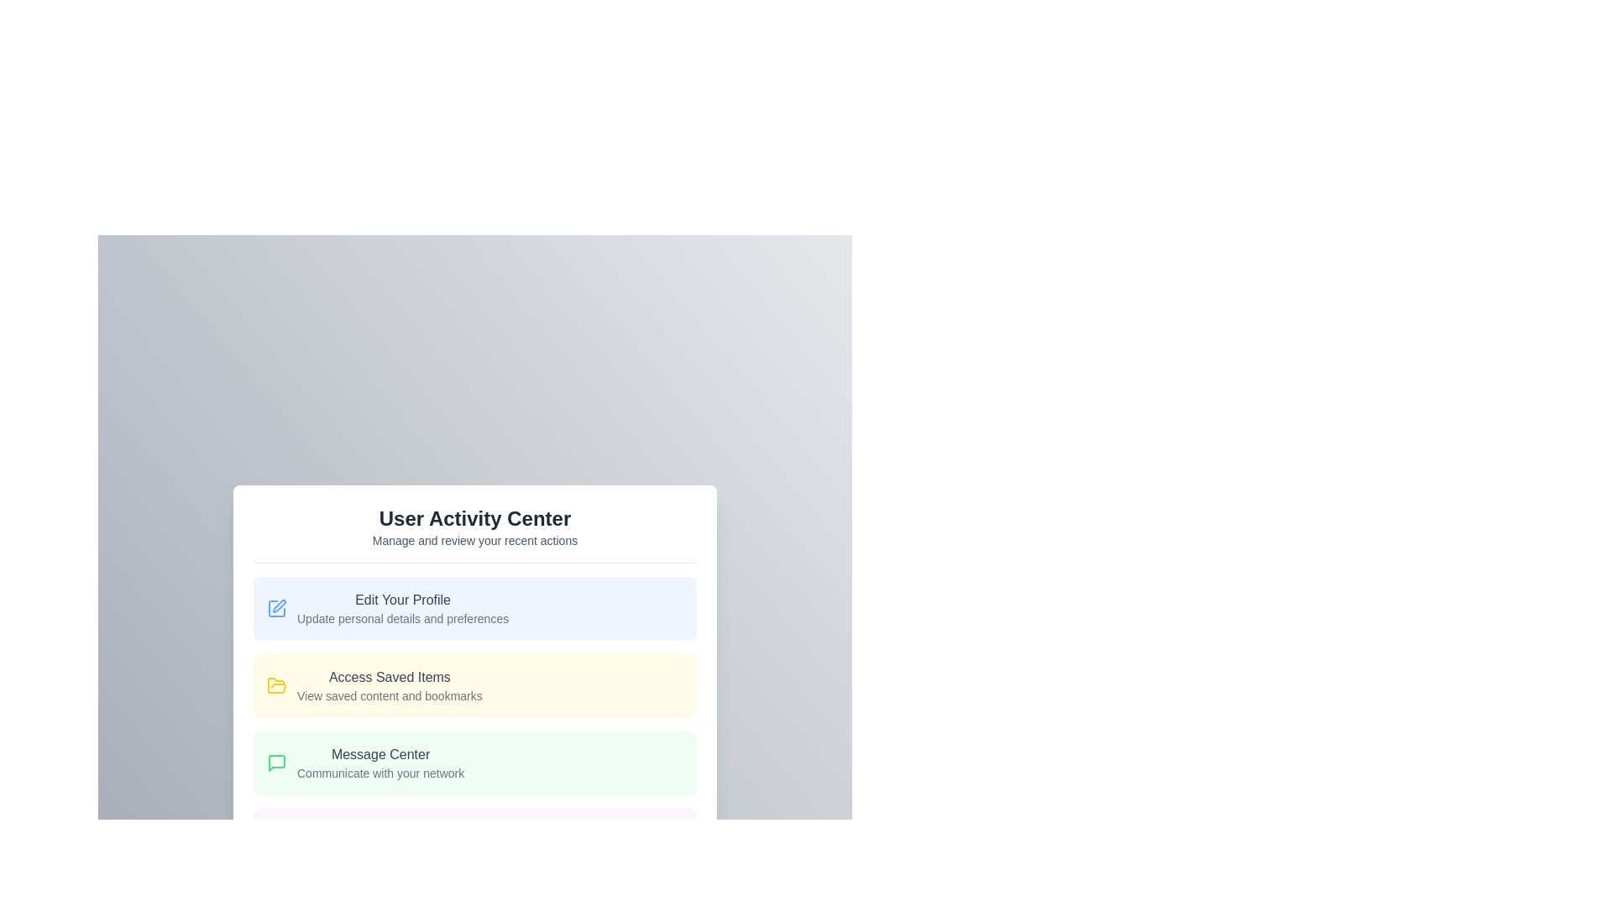 The height and width of the screenshot is (907, 1612). What do you see at coordinates (277, 762) in the screenshot?
I see `the green rectangular message bubble icon located to the left of the 'Message Center' text, indicating interaction` at bounding box center [277, 762].